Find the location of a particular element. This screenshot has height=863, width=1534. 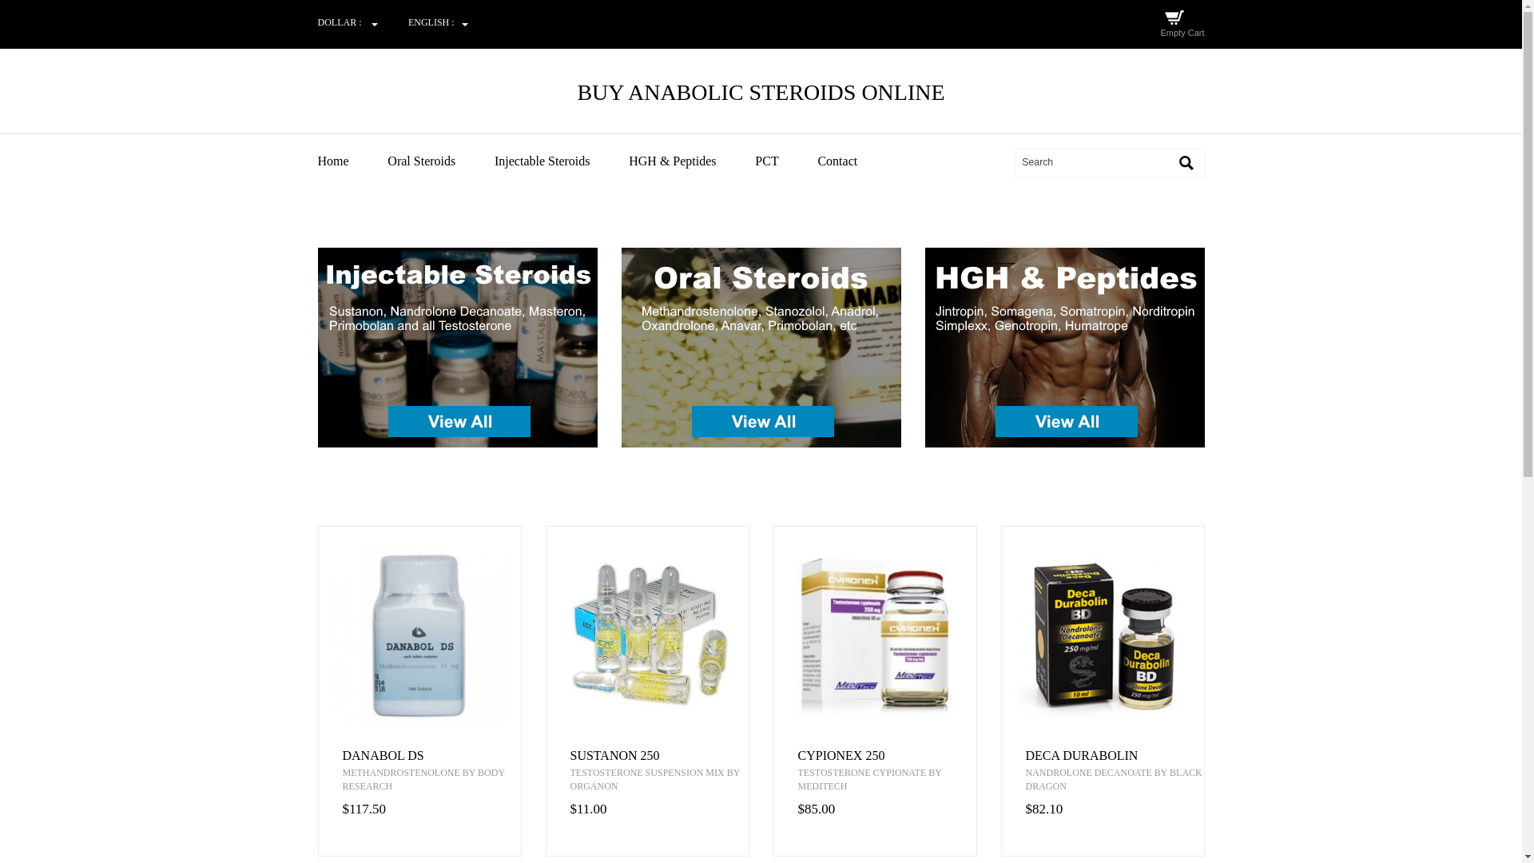

'DANABOL DS' is located at coordinates (340, 755).